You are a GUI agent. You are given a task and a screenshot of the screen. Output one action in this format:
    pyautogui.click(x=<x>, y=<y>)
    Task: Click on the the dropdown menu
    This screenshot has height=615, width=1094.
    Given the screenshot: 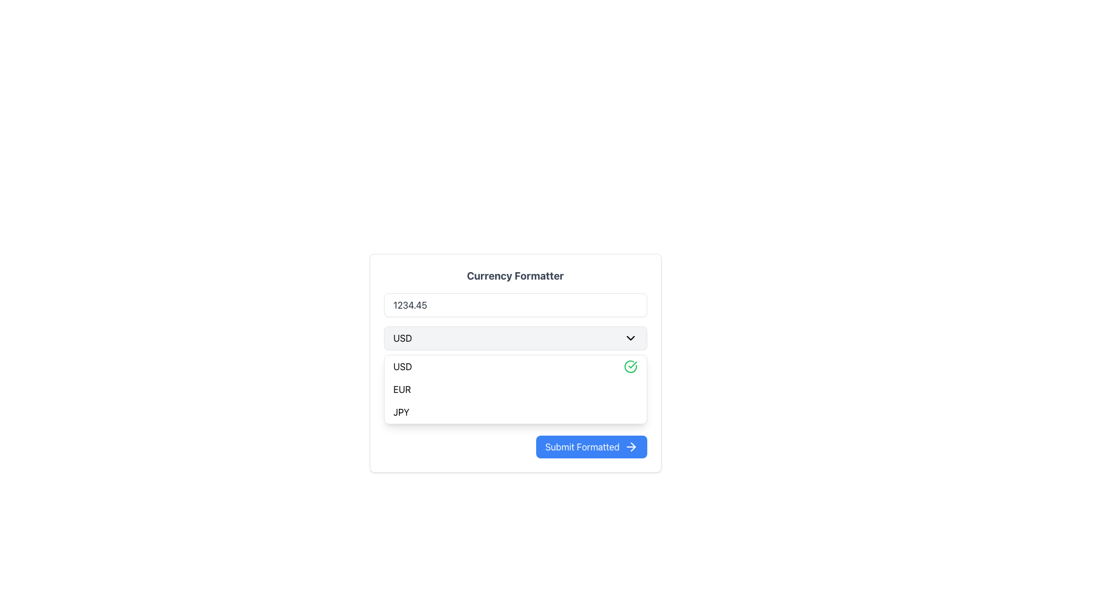 What is the action you would take?
    pyautogui.click(x=515, y=388)
    